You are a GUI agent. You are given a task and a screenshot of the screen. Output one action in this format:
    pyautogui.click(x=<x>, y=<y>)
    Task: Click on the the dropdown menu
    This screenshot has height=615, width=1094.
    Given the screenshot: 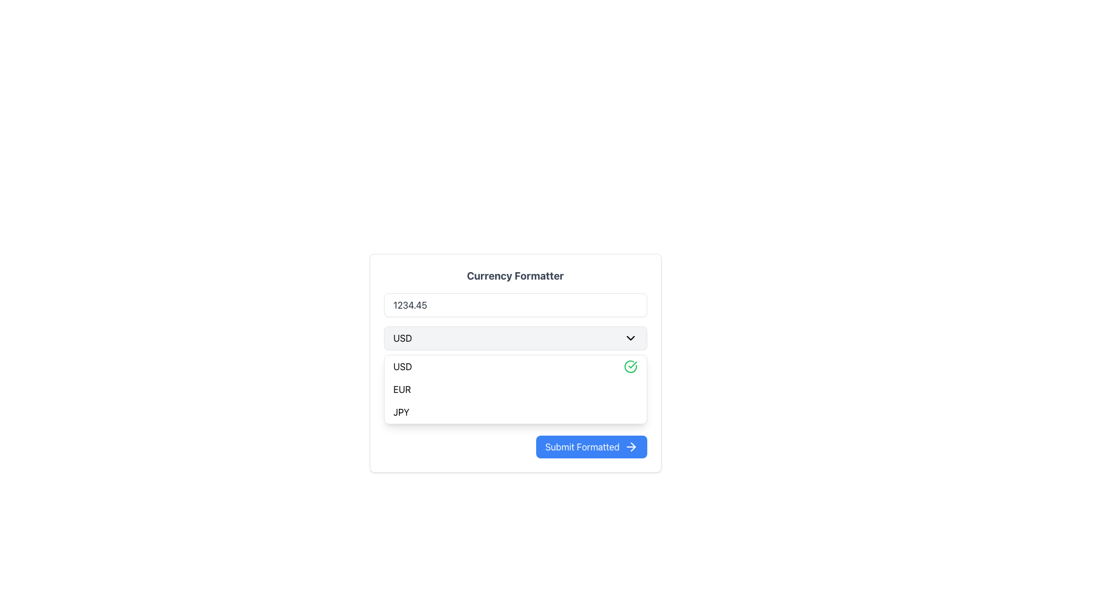 What is the action you would take?
    pyautogui.click(x=515, y=388)
    